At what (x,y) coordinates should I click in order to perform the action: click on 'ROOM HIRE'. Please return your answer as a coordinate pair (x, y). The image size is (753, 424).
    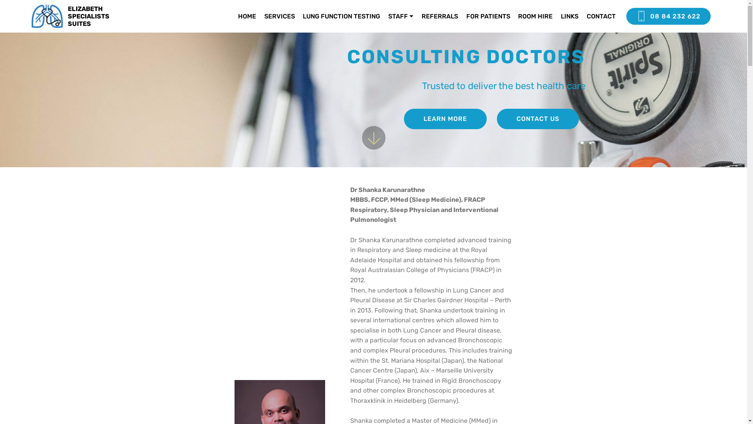
    Looking at the image, I should click on (535, 16).